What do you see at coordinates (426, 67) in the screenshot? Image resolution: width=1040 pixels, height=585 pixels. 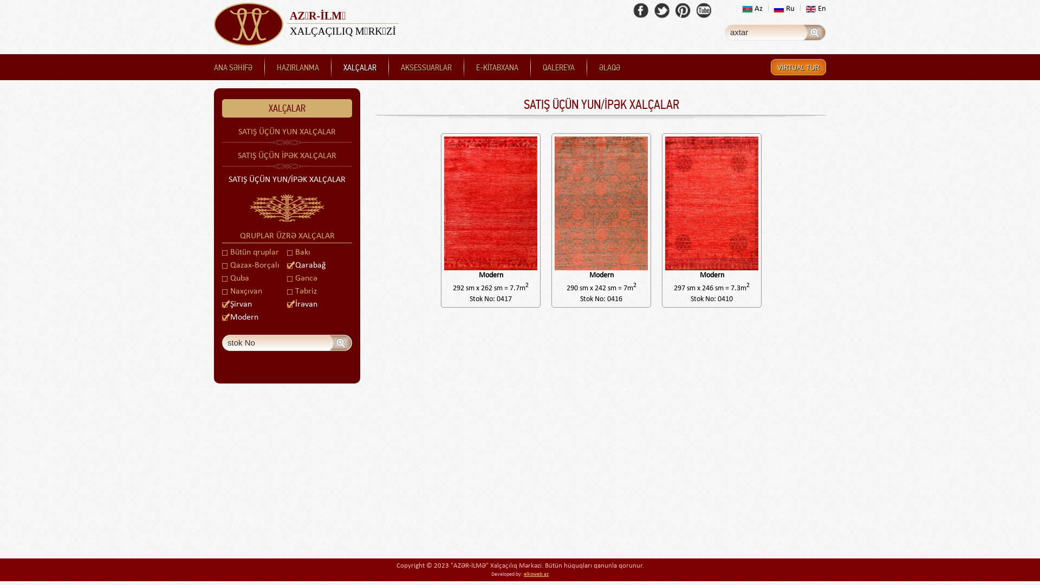 I see `'AKSESSUARLAR'` at bounding box center [426, 67].